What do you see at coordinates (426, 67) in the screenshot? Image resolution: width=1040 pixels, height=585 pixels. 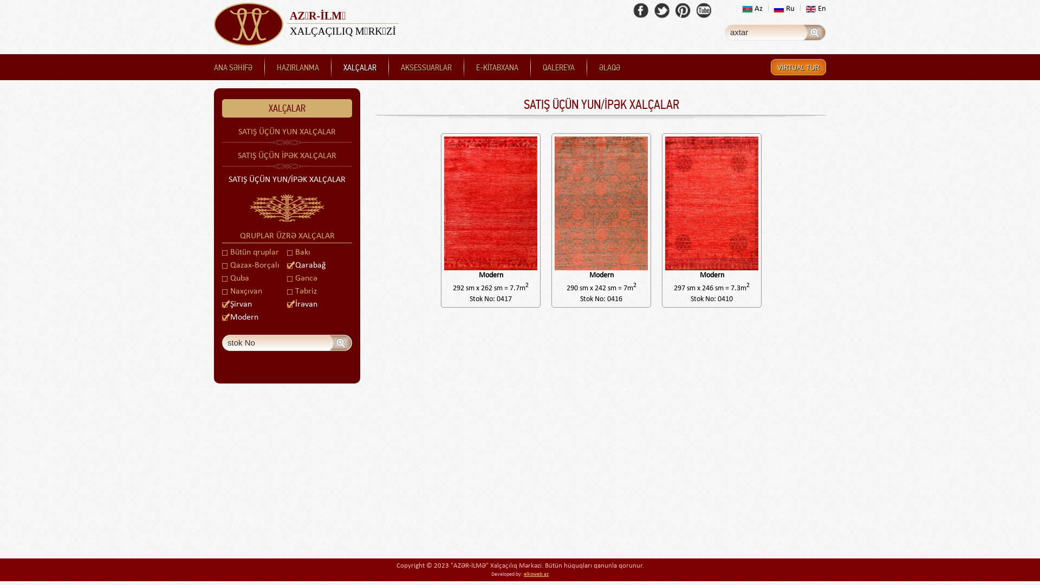 I see `'AKSESSUARLAR'` at bounding box center [426, 67].